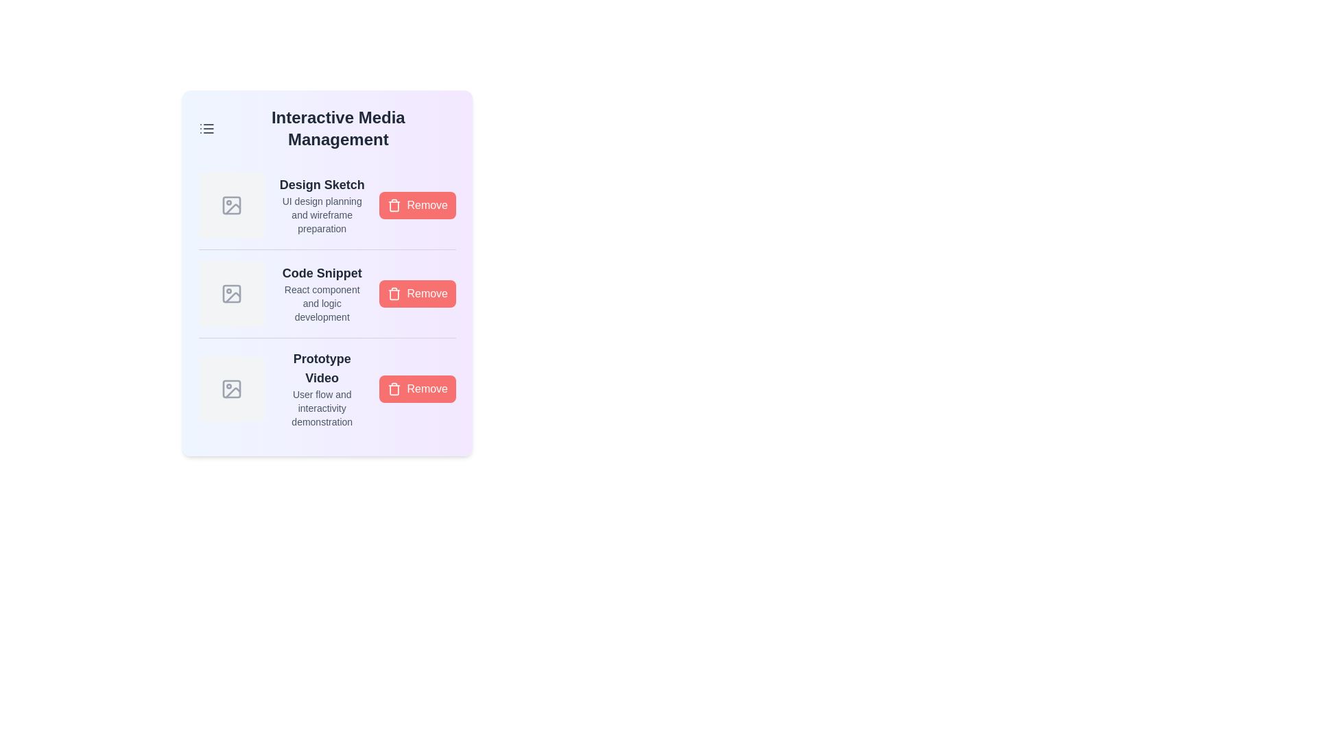 The width and height of the screenshot is (1317, 740). I want to click on 'Remove' button for the item with the name 'Design Sketch', so click(417, 206).